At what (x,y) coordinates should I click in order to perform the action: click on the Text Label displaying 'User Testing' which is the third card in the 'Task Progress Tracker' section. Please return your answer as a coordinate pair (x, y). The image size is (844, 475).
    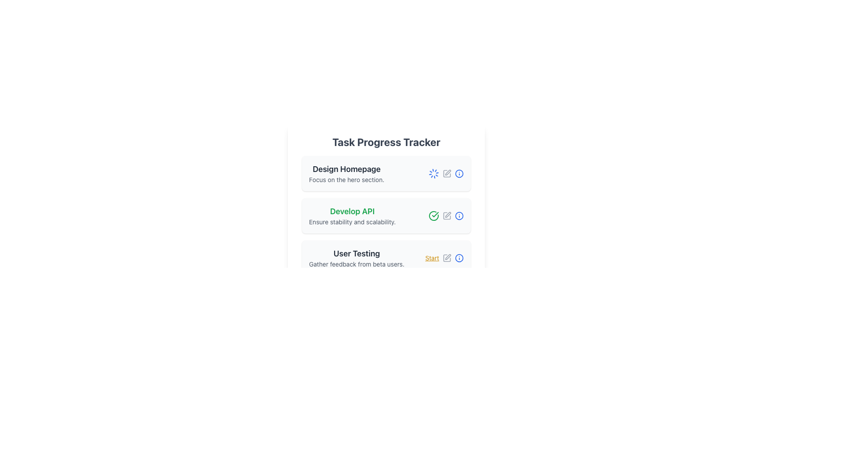
    Looking at the image, I should click on (357, 257).